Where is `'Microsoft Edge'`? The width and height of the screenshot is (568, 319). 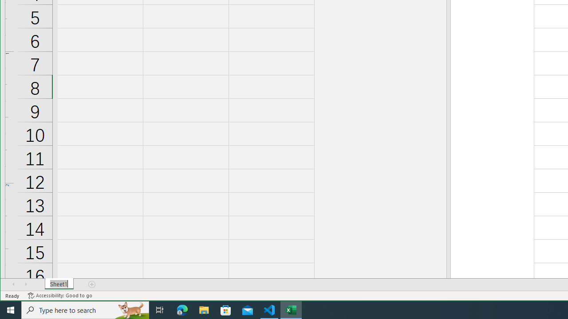 'Microsoft Edge' is located at coordinates (182, 309).